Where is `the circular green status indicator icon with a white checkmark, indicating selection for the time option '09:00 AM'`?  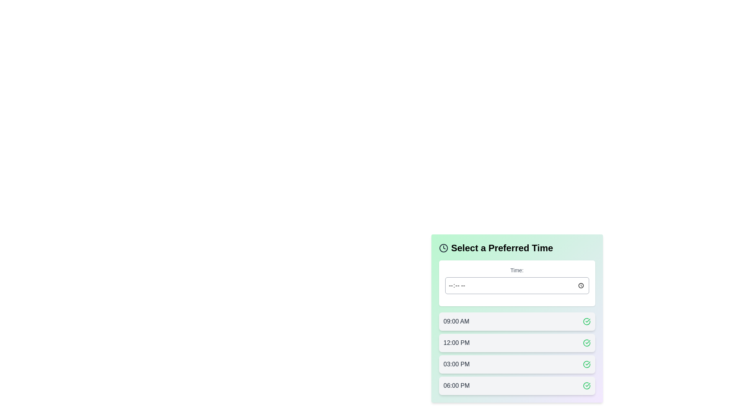
the circular green status indicator icon with a white checkmark, indicating selection for the time option '09:00 AM' is located at coordinates (586, 321).